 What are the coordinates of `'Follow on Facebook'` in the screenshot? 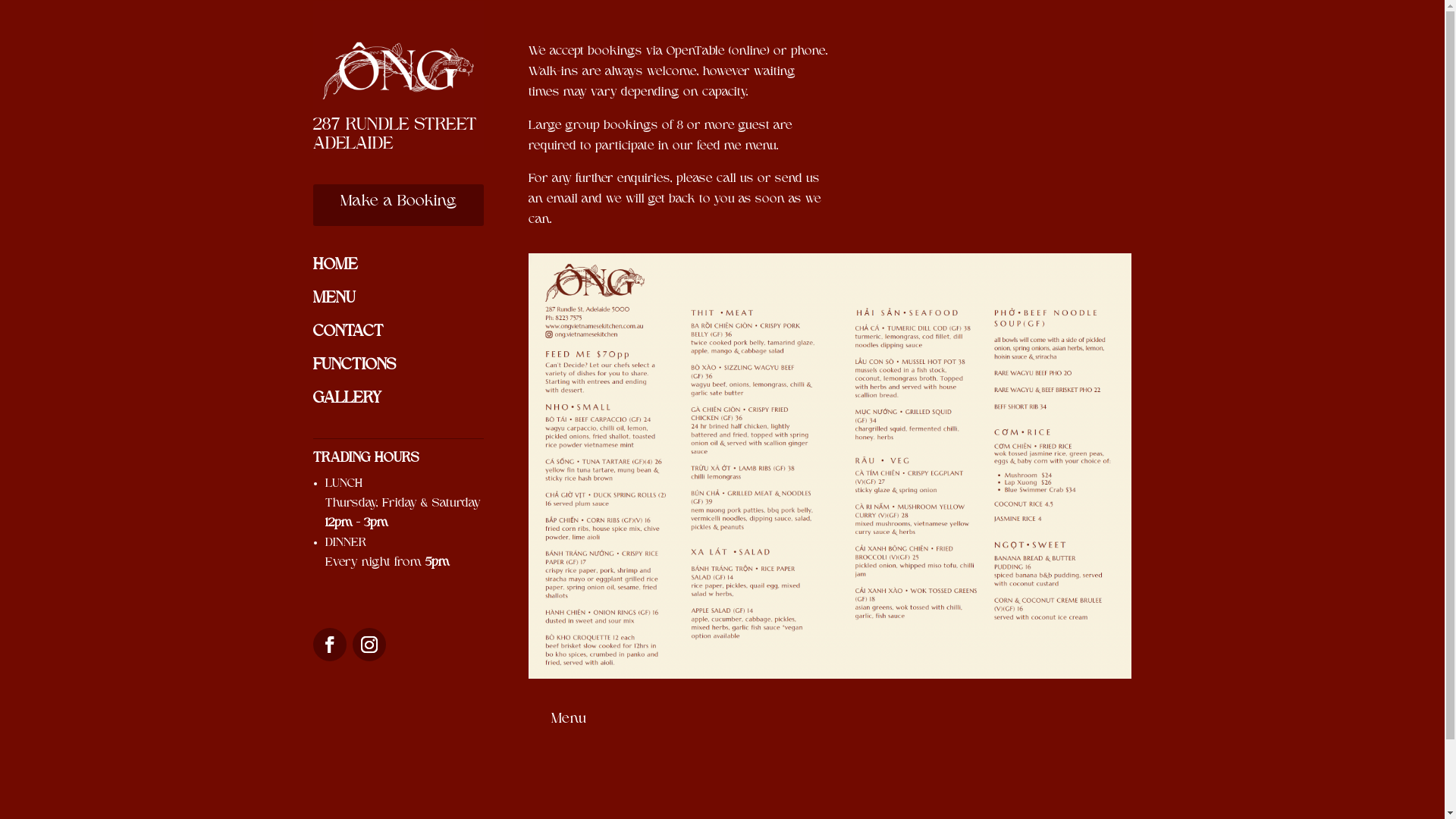 It's located at (328, 644).